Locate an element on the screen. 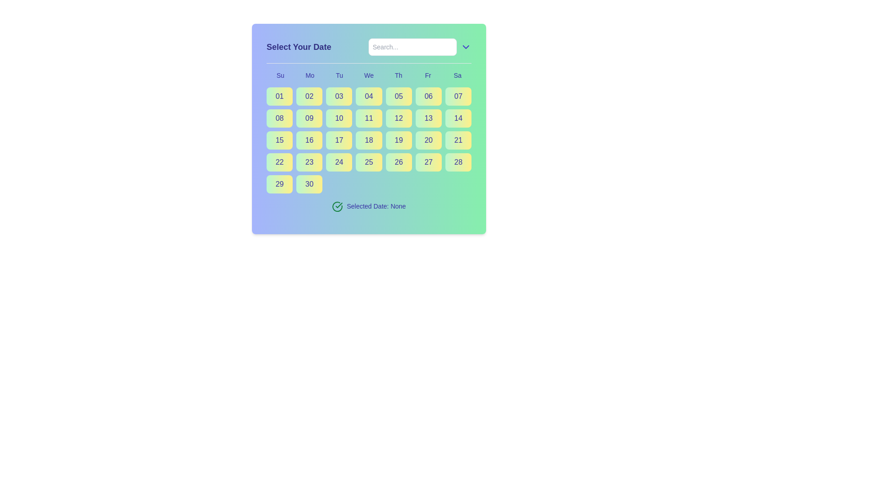  the button displaying the text '28' located in the sixth position of the last row in the calendar grid is located at coordinates (458, 161).